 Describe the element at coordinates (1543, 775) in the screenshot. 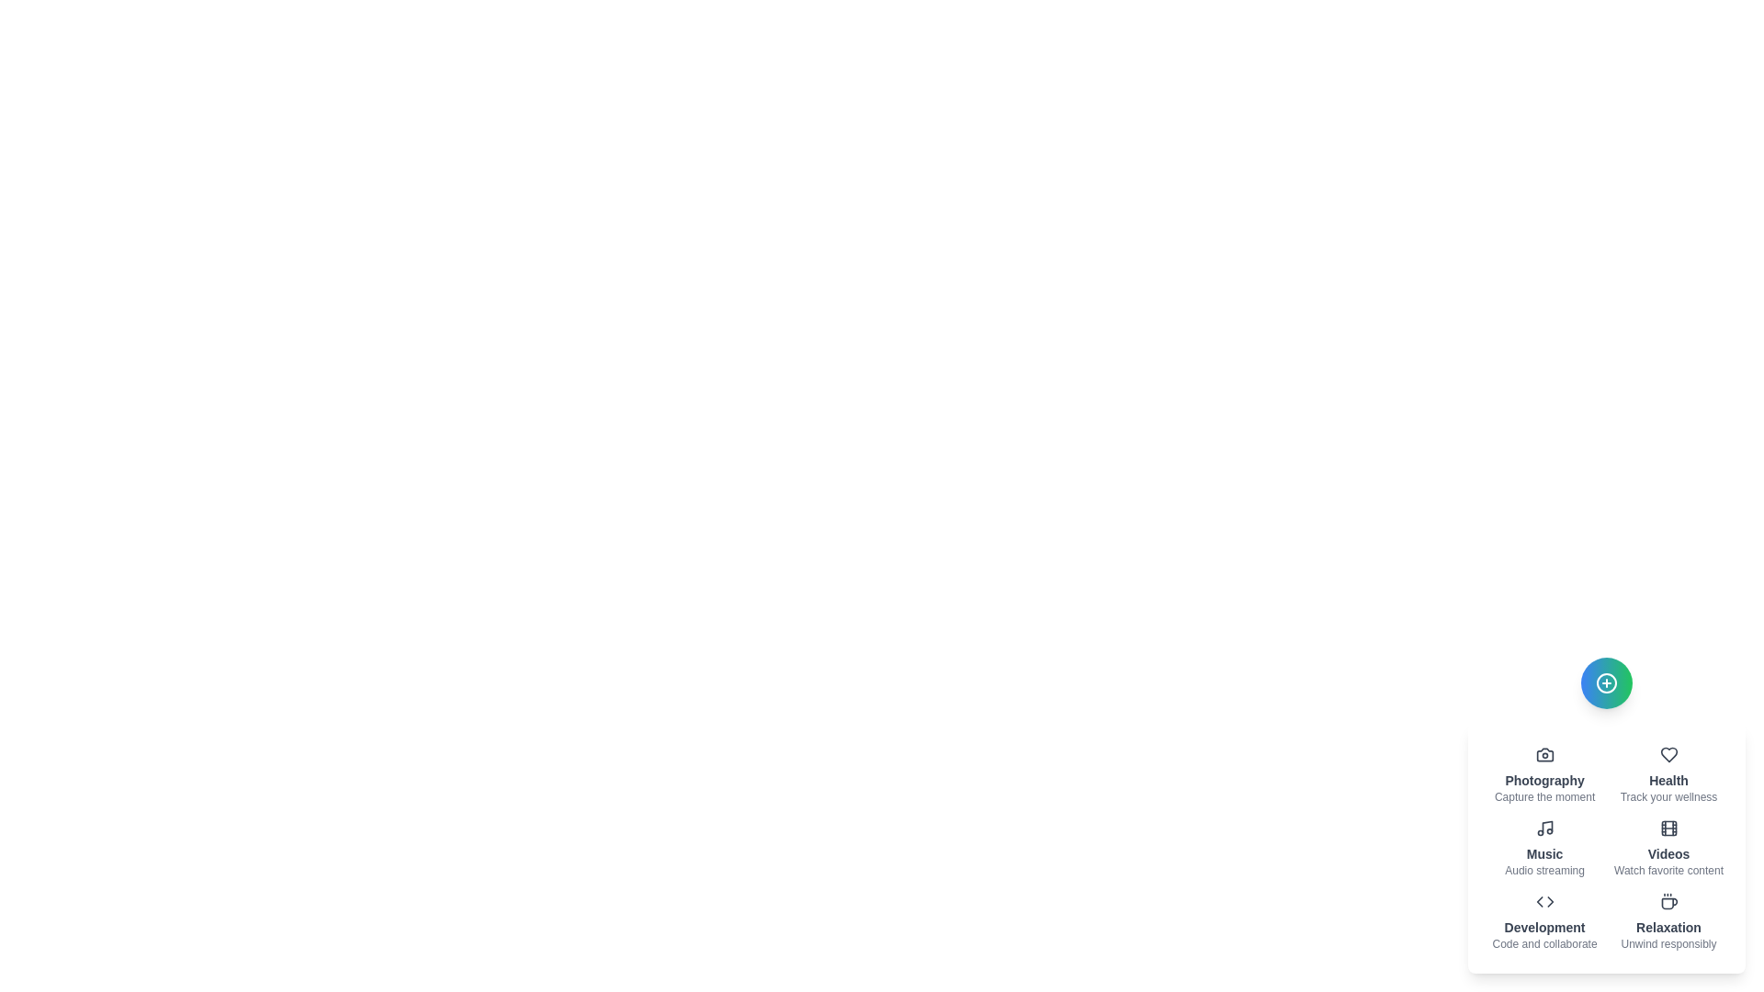

I see `the item labeled 'Photography' to observe its hover effect` at that location.